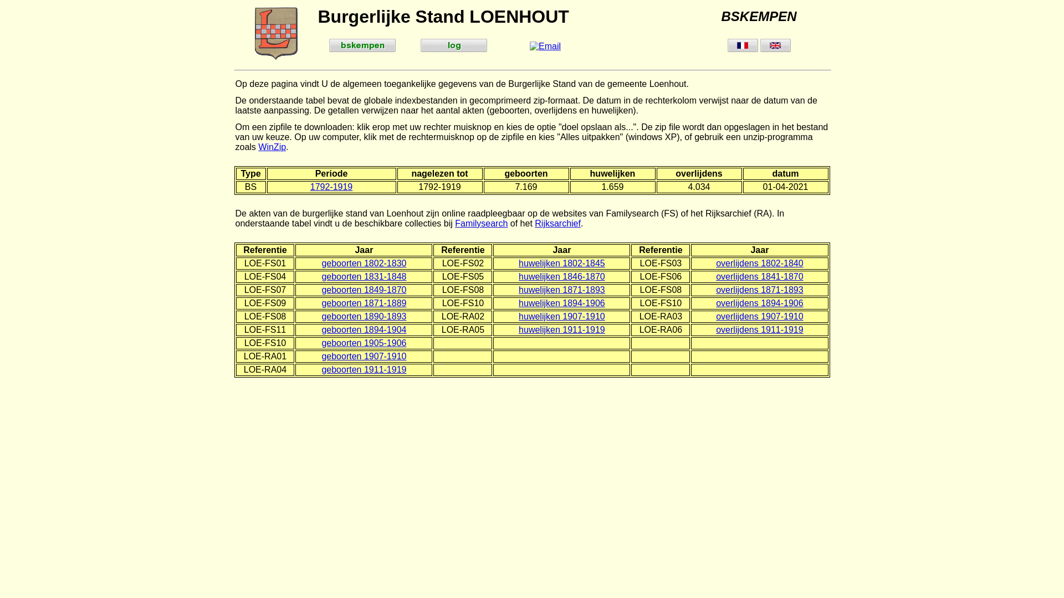 Image resolution: width=1064 pixels, height=598 pixels. What do you see at coordinates (364, 329) in the screenshot?
I see `'geboorten 1894-1904'` at bounding box center [364, 329].